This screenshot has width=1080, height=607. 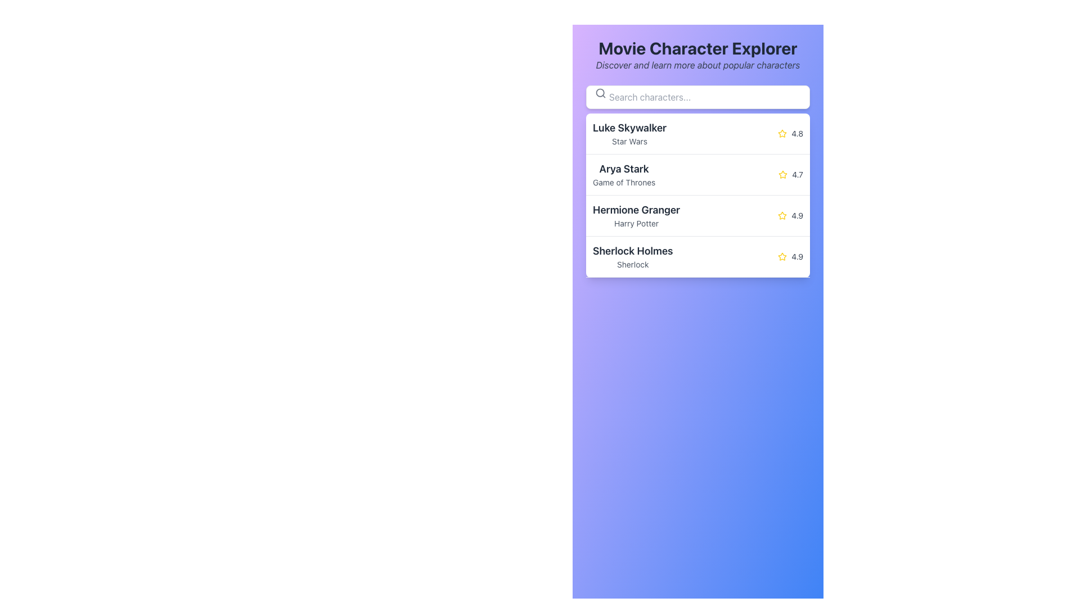 I want to click on the descriptive text label located directly beneath the bolded text 'Luke Skywalker' in the first row of the list, so click(x=629, y=141).